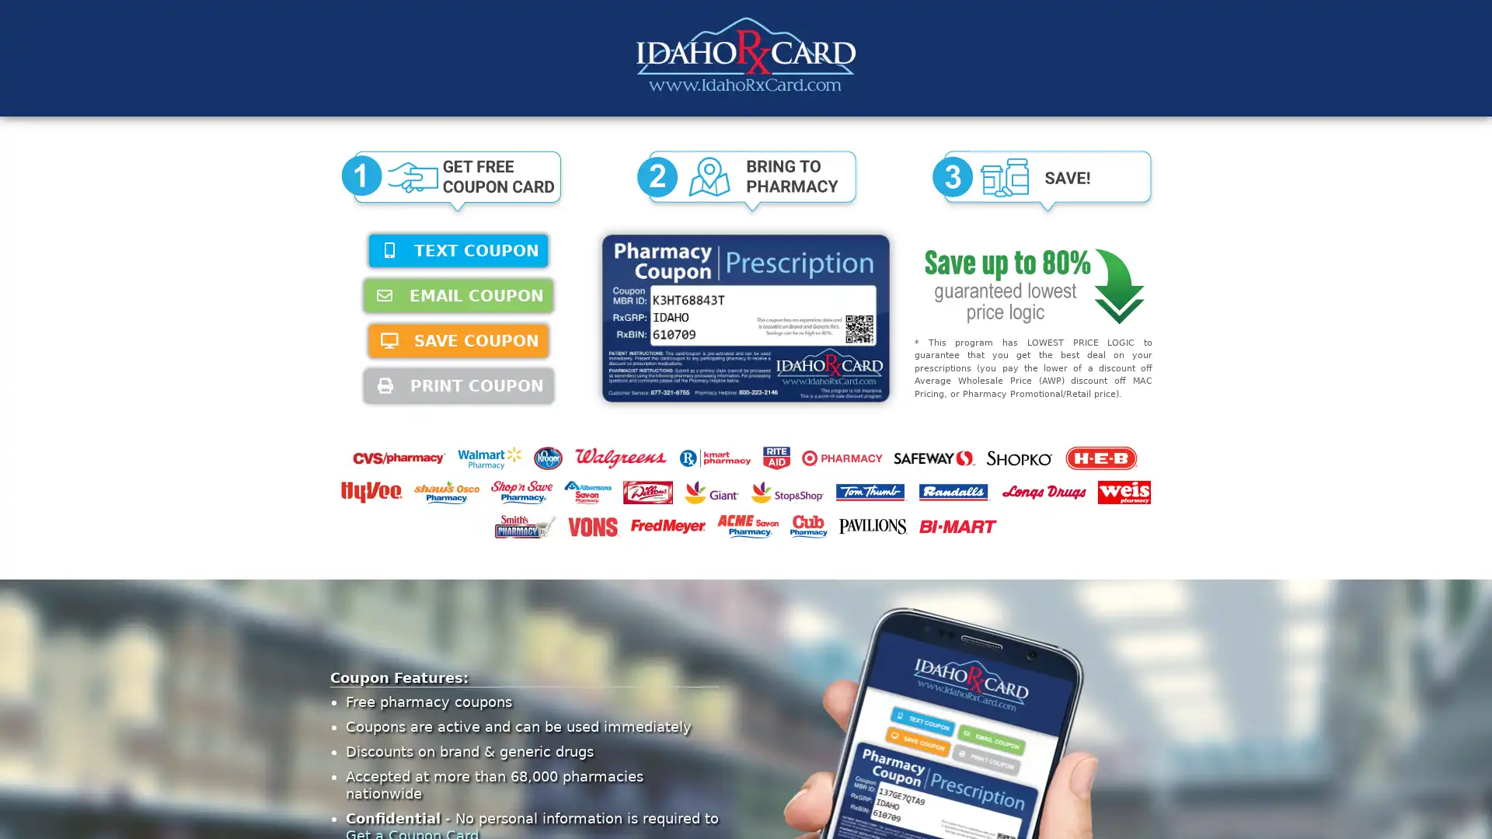 This screenshot has width=1492, height=839. What do you see at coordinates (458, 296) in the screenshot?
I see `EMAIL COUPON` at bounding box center [458, 296].